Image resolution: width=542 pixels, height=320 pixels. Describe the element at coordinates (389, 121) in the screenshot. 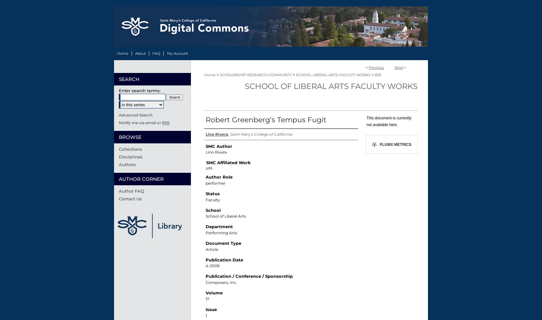

I see `'This document is currently not available here.'` at that location.